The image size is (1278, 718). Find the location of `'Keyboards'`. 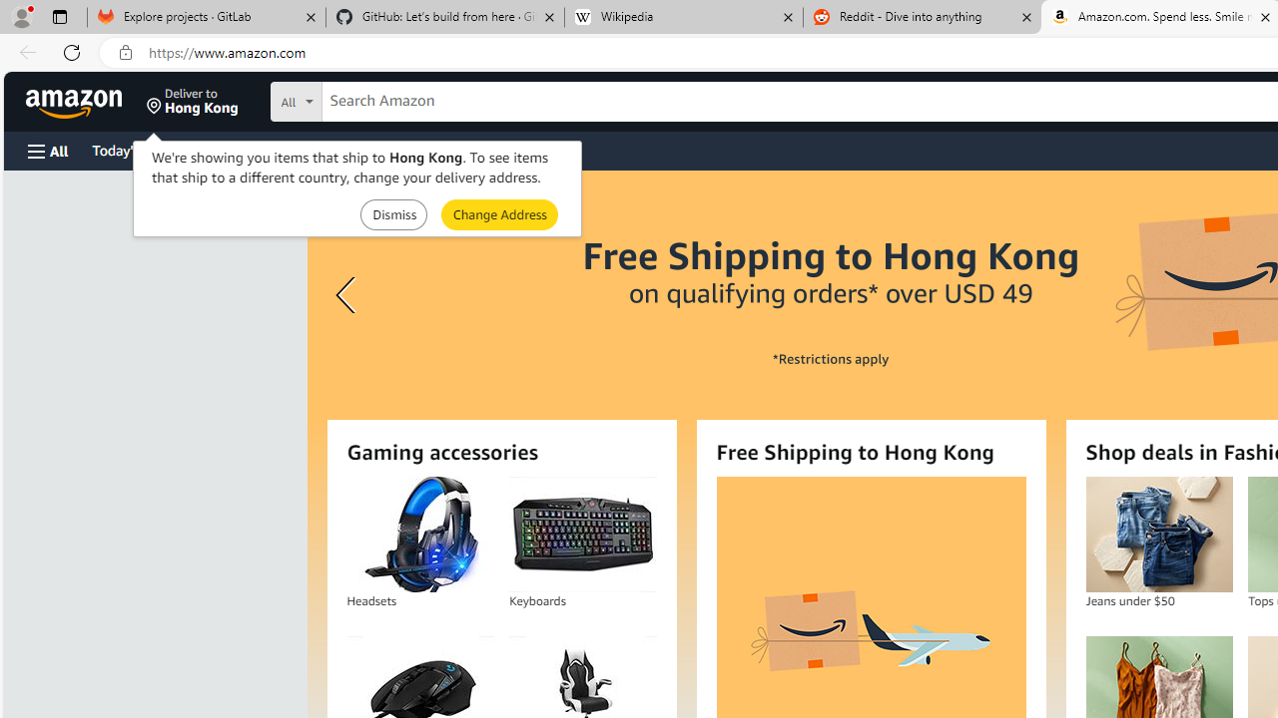

'Keyboards' is located at coordinates (581, 534).